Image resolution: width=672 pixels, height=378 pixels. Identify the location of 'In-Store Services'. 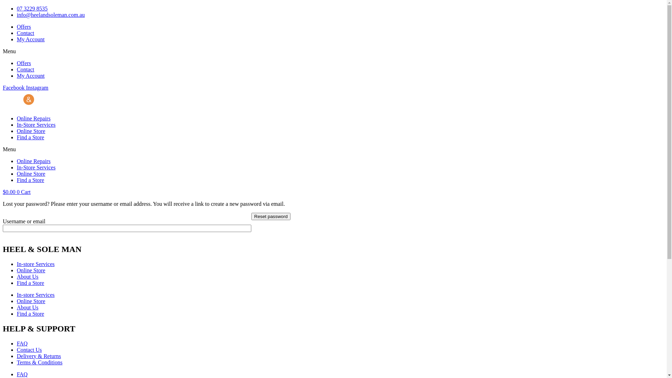
(36, 124).